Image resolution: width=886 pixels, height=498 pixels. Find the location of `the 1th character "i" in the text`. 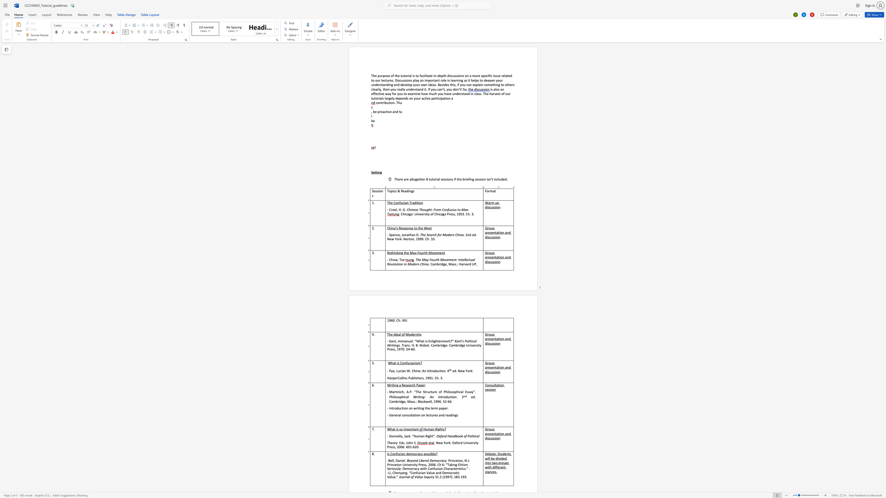

the 1th character "i" in the text is located at coordinates (499, 433).